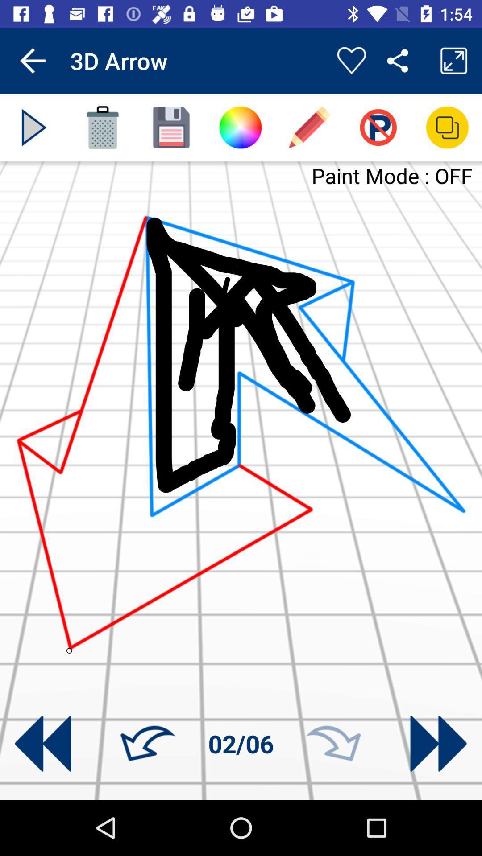  Describe the element at coordinates (147, 744) in the screenshot. I see `undo` at that location.